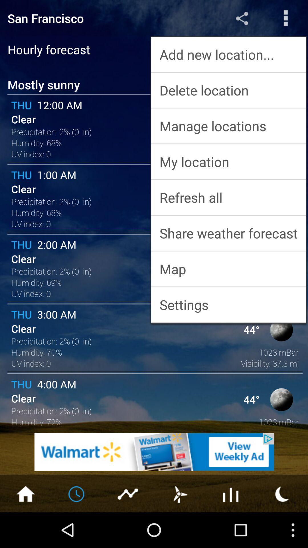 This screenshot has height=548, width=308. I want to click on my location item, so click(228, 161).